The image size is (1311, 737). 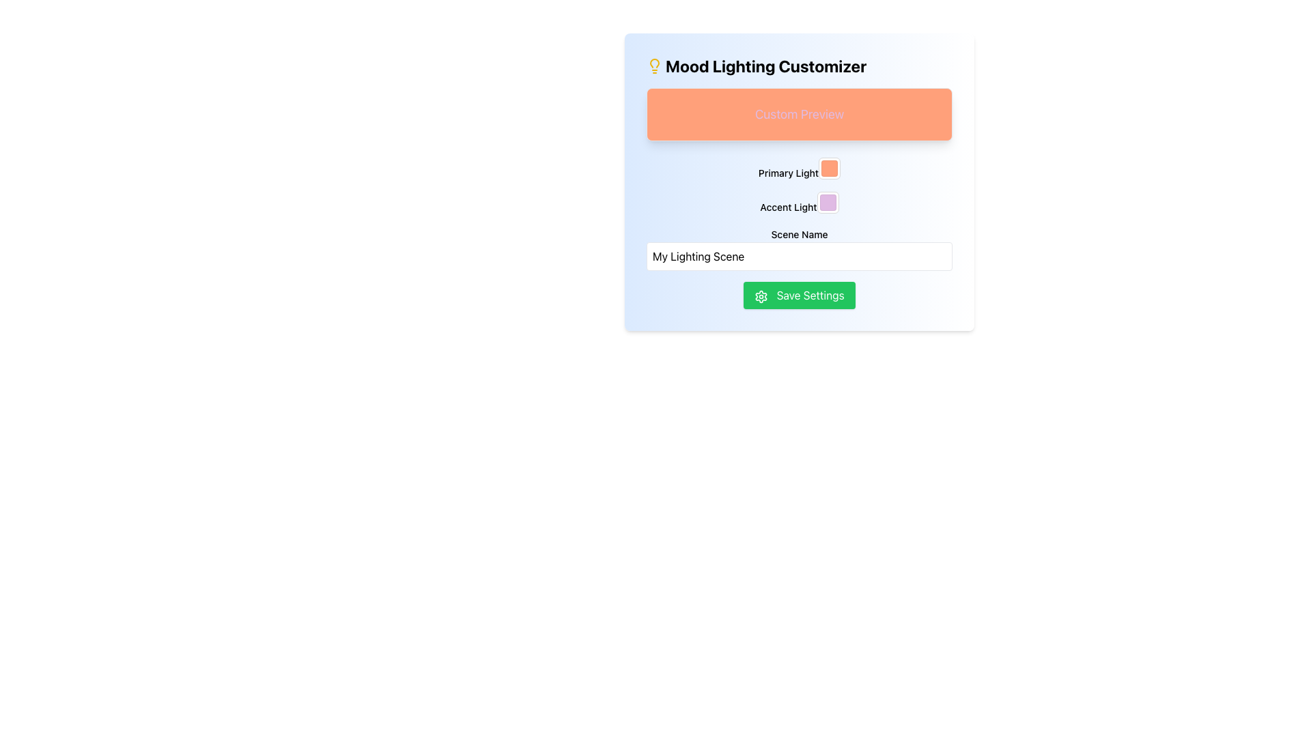 What do you see at coordinates (761, 295) in the screenshot?
I see `the settings icon located to the left of the 'Save Settings' green button at the bottom of the interface` at bounding box center [761, 295].